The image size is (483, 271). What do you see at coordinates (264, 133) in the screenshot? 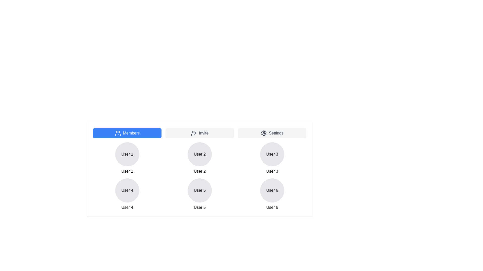
I see `the cog-shaped settings icon located in the upper-right corner of the interface` at bounding box center [264, 133].